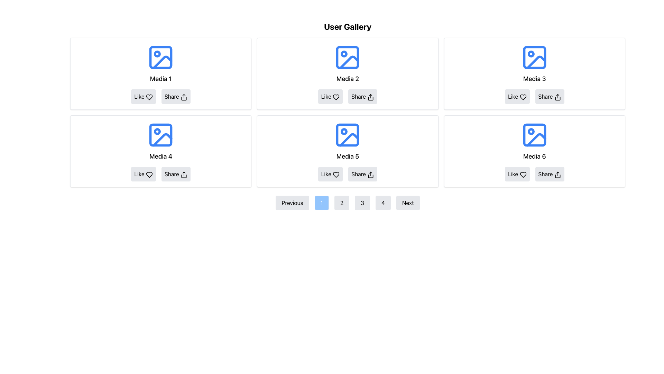 The height and width of the screenshot is (374, 664). I want to click on the share icon, which is the rightmost part of the 'Share' button in the media grid layout, located below the media thumbnail labeled 'Media 4', so click(184, 174).